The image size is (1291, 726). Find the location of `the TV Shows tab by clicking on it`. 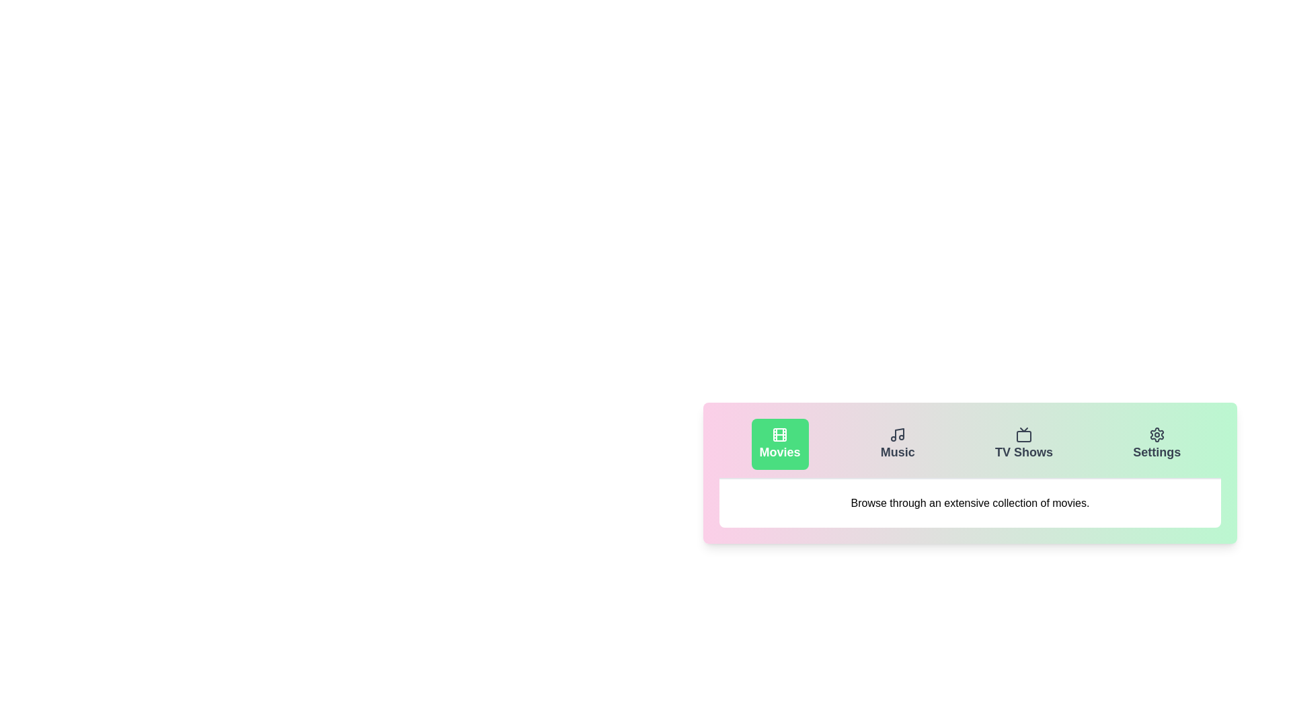

the TV Shows tab by clicking on it is located at coordinates (1023, 444).